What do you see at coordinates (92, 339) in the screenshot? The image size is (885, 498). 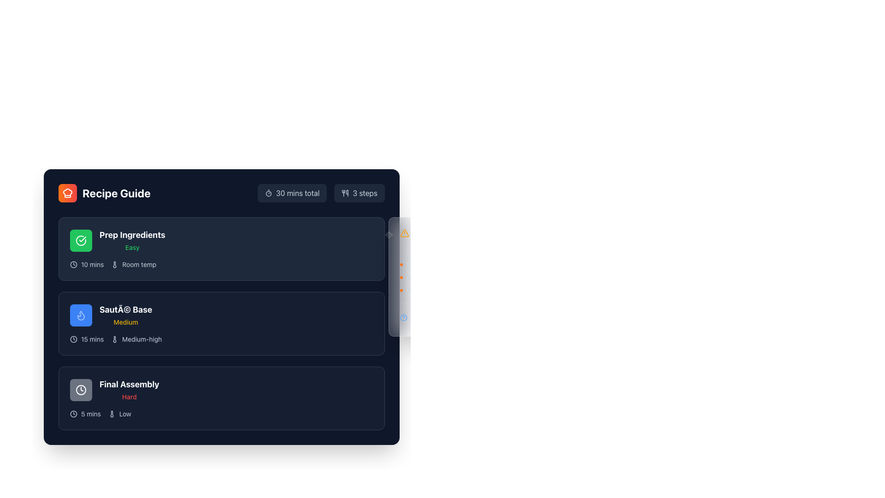 I see `text content of the label displaying '15 mins' in white color, located in the 'Sauté Base' section of the recipe guide layout, positioned next to a clock icon` at bounding box center [92, 339].